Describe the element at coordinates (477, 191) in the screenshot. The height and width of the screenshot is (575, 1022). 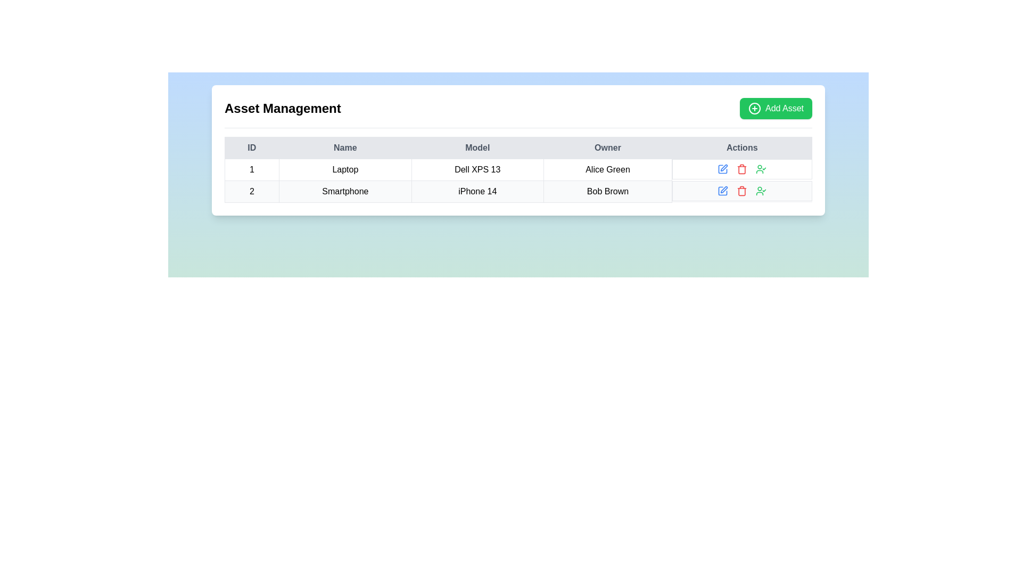
I see `the non-interactive text label displaying 'iPhone 14', located in the second row of a table under the 'Model' column, between 'Smartphone' and 'Bob Brown'` at that location.